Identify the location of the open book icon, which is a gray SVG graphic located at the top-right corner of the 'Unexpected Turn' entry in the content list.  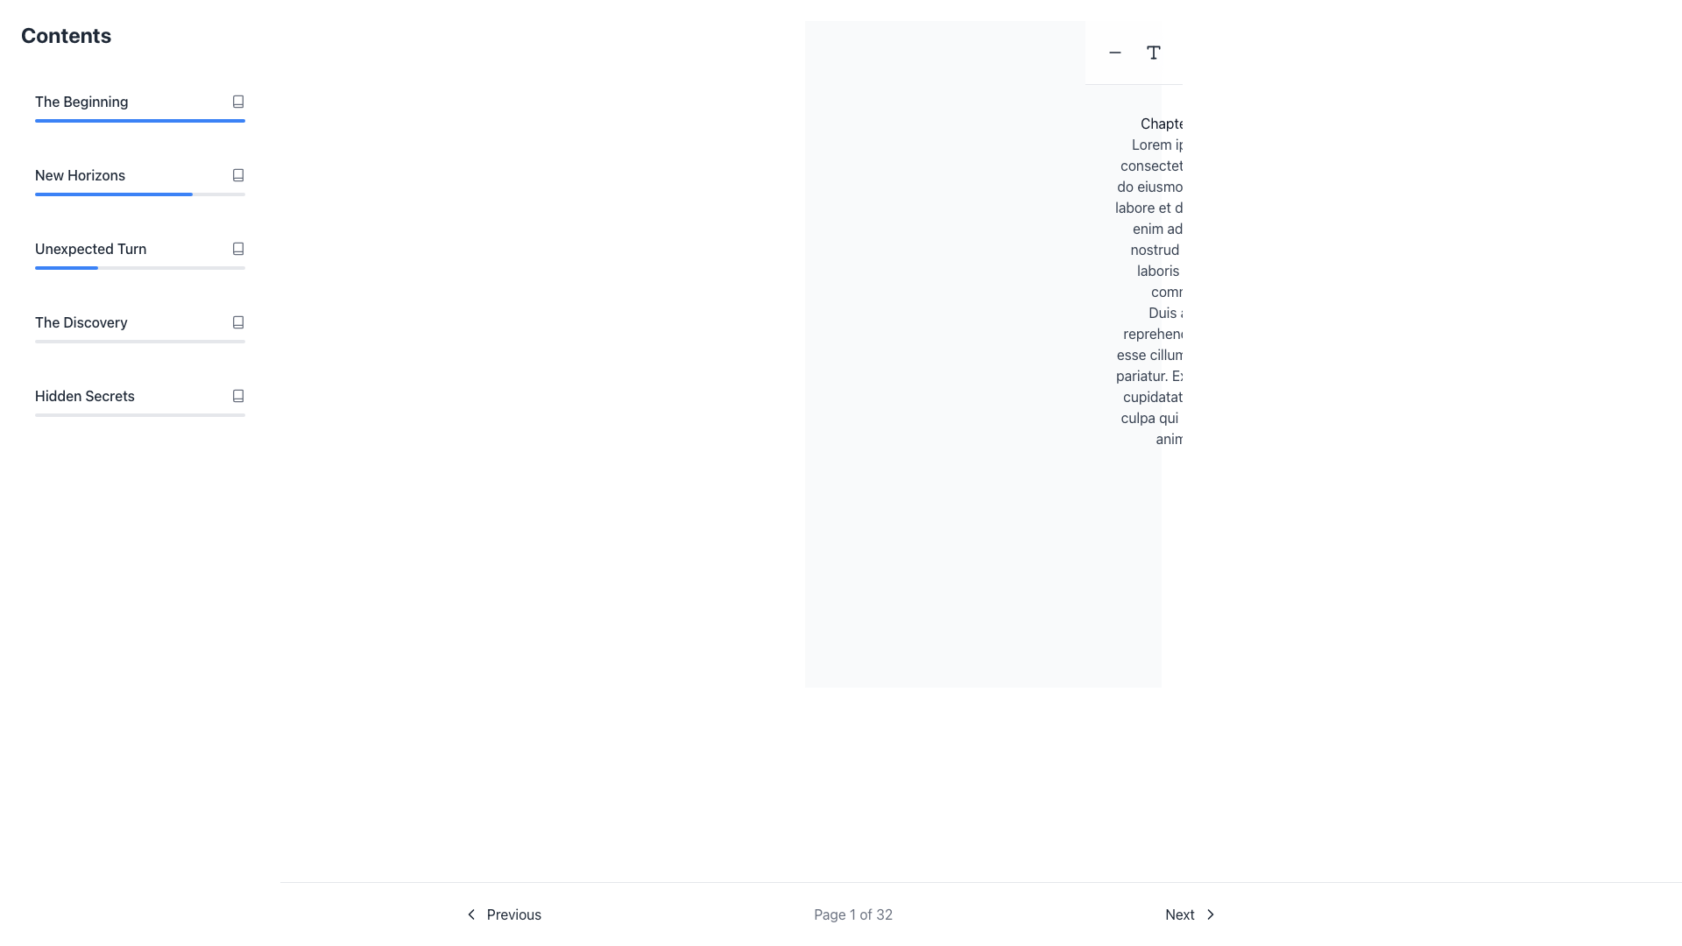
(237, 249).